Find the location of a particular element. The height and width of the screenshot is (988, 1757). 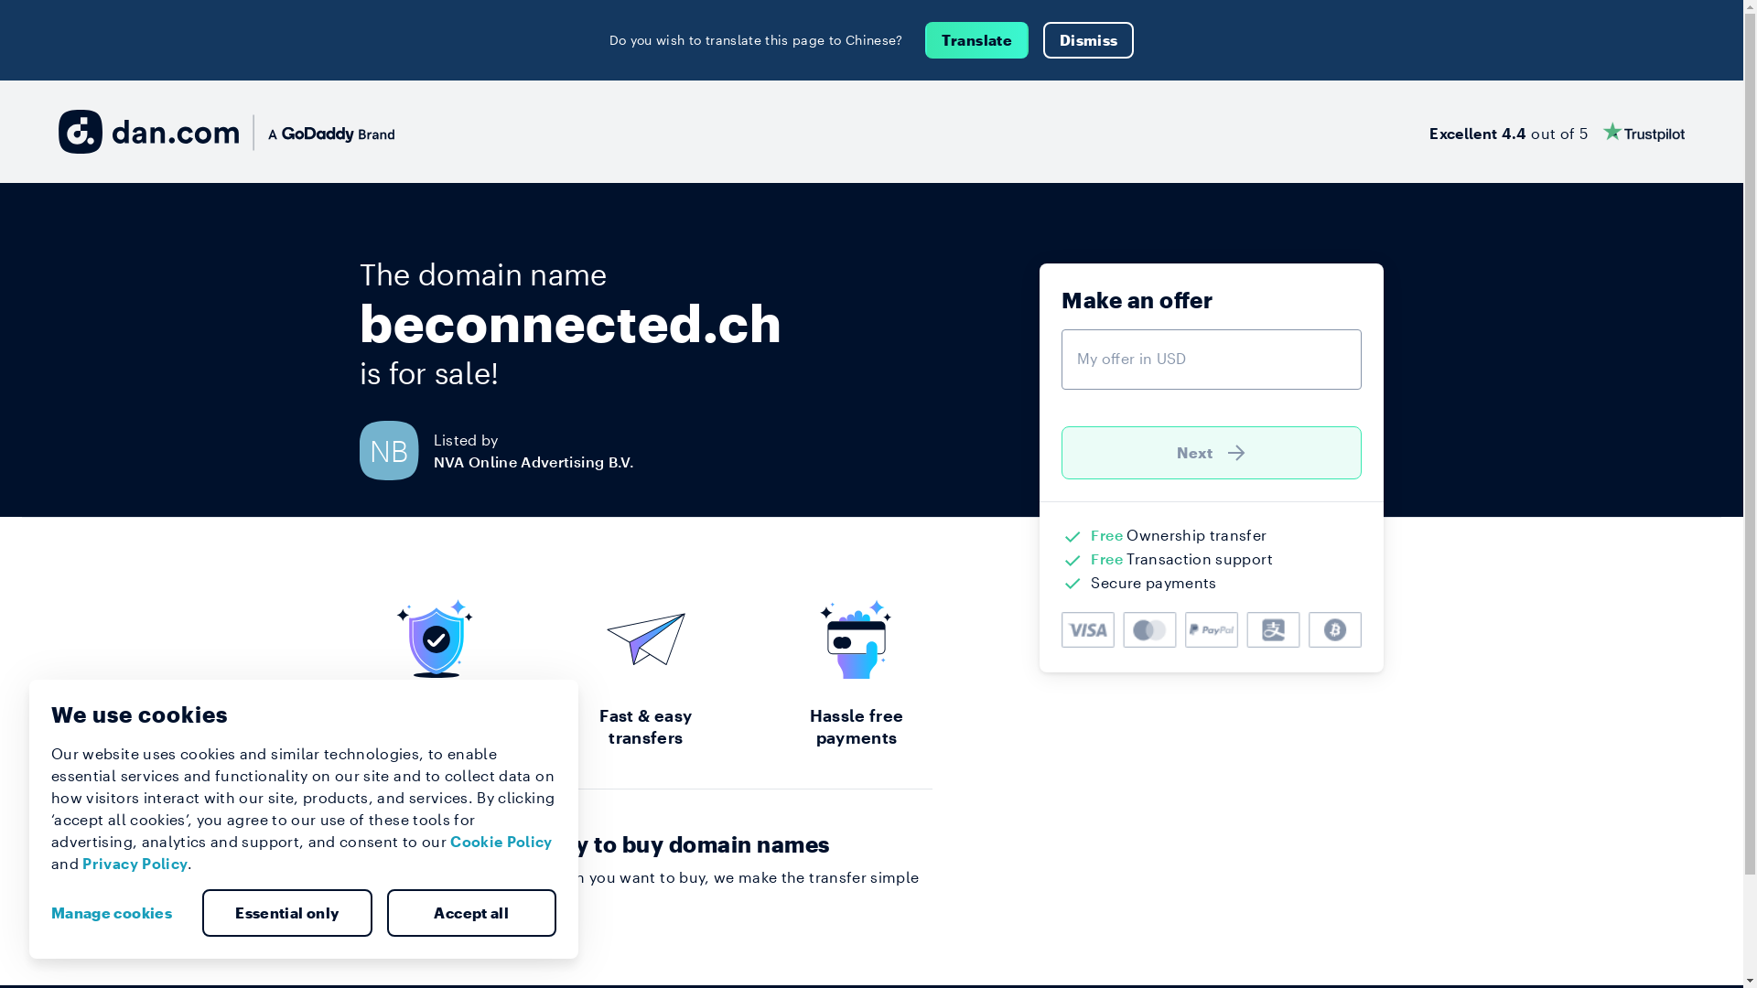

'Translate' is located at coordinates (976, 39).